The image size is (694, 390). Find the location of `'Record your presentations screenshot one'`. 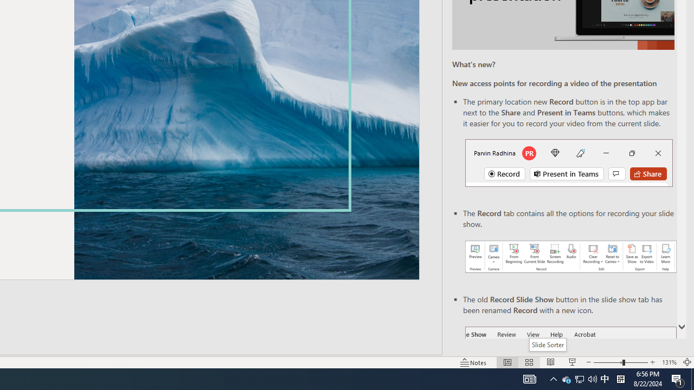

'Record your presentations screenshot one' is located at coordinates (570, 257).